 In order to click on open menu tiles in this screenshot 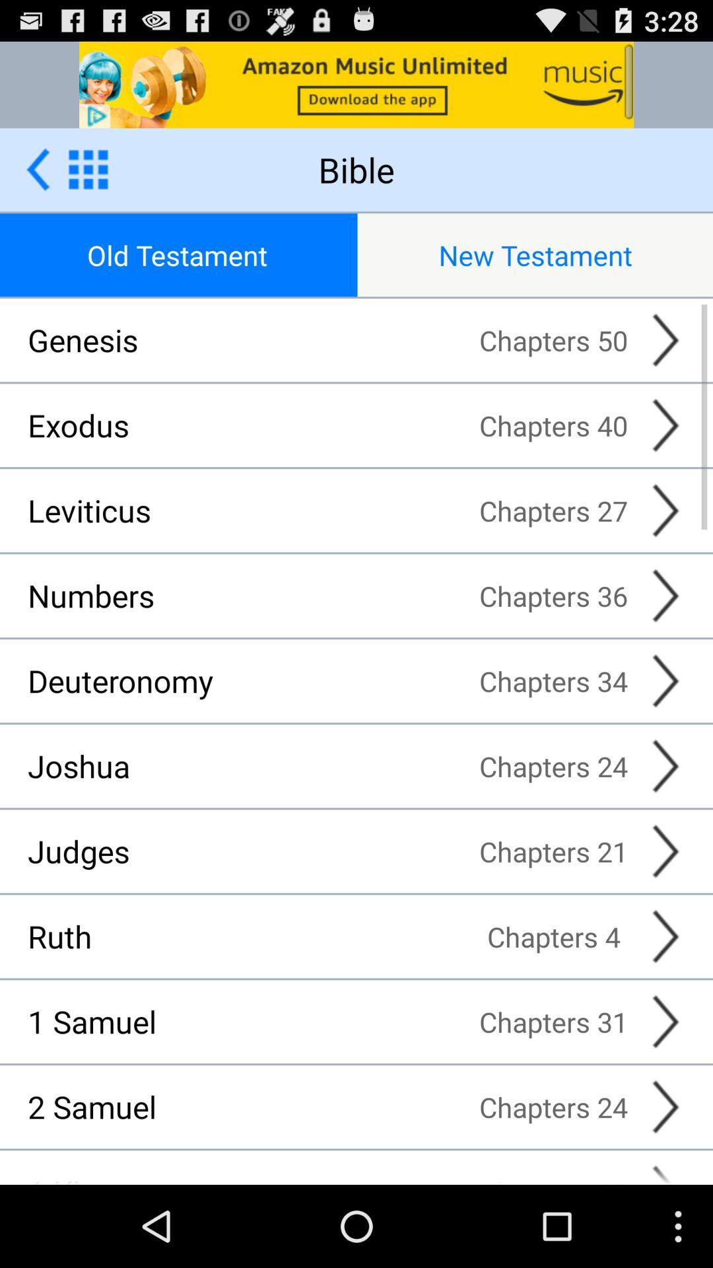, I will do `click(88, 168)`.